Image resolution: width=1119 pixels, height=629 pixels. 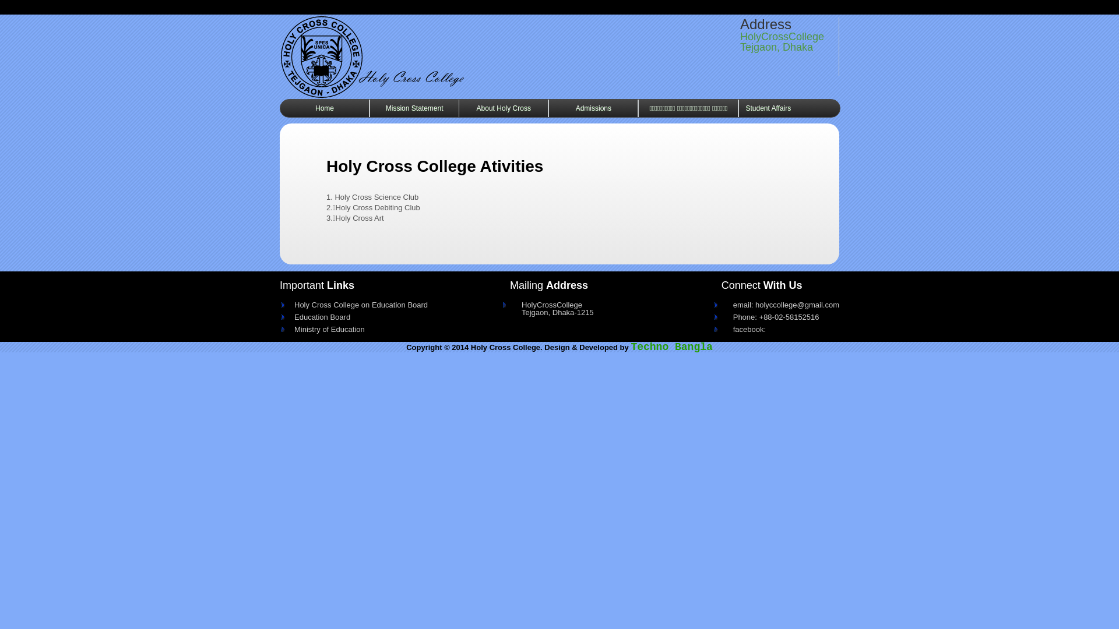 I want to click on 'About Holy Cross', so click(x=458, y=108).